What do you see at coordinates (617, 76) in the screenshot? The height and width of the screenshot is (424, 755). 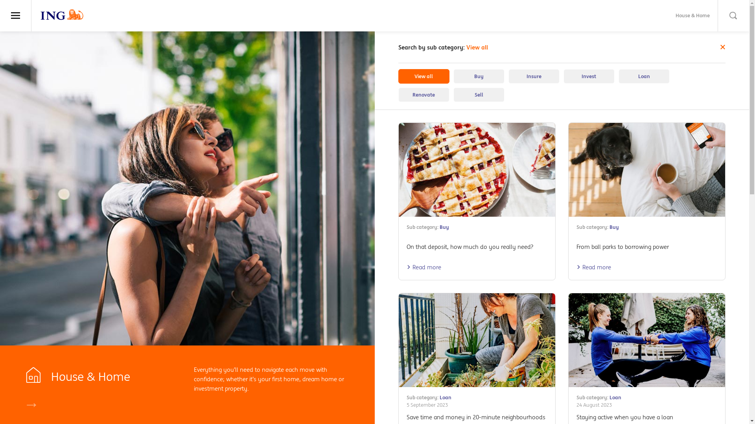 I see `'Loan'` at bounding box center [617, 76].